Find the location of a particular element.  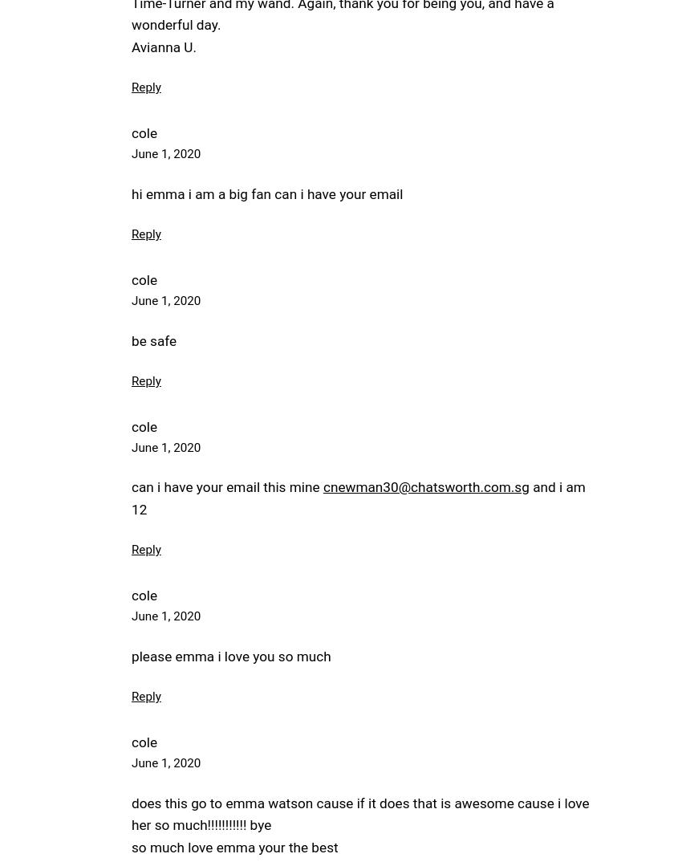

'can i have your email this mine' is located at coordinates (225, 487).